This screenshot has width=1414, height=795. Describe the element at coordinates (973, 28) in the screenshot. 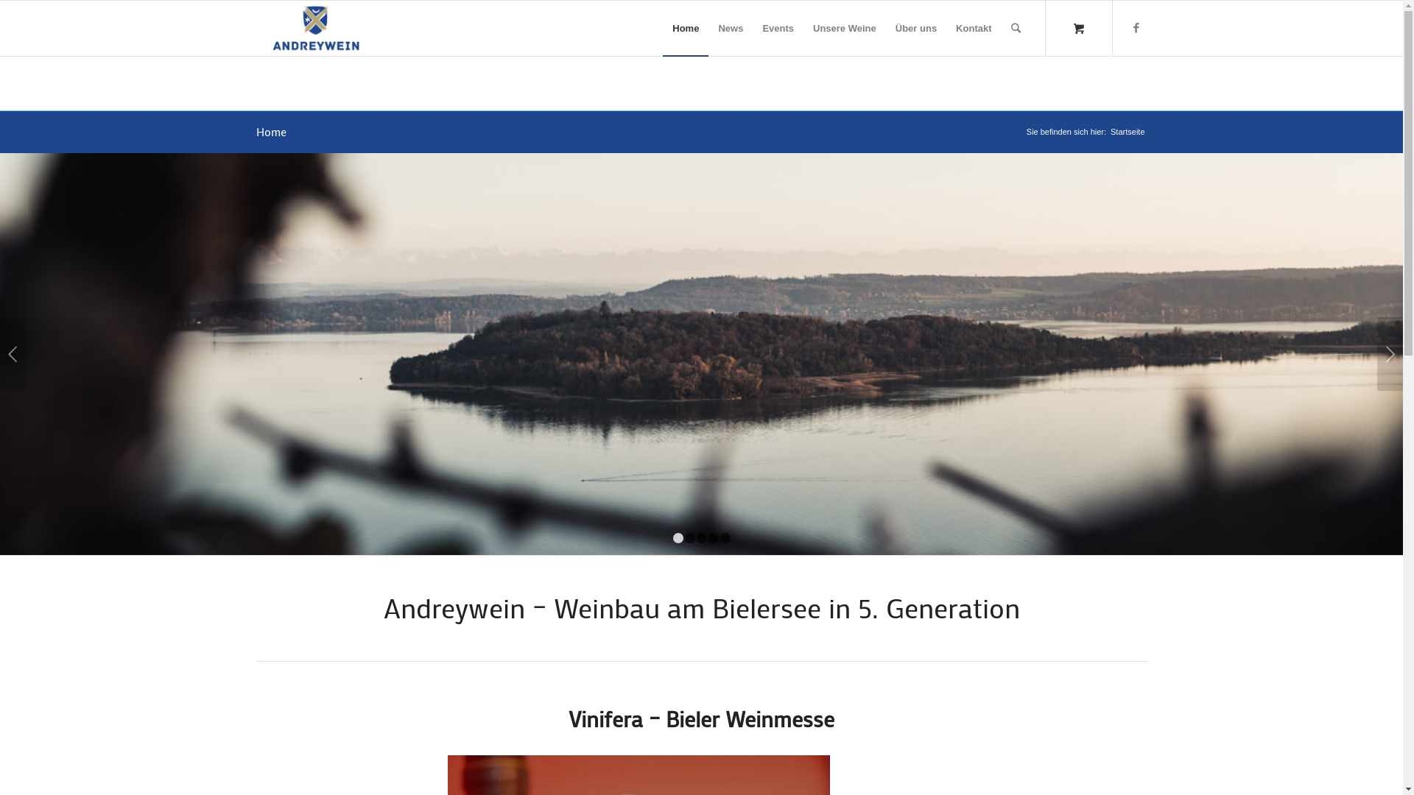

I see `'Kontakt'` at that location.